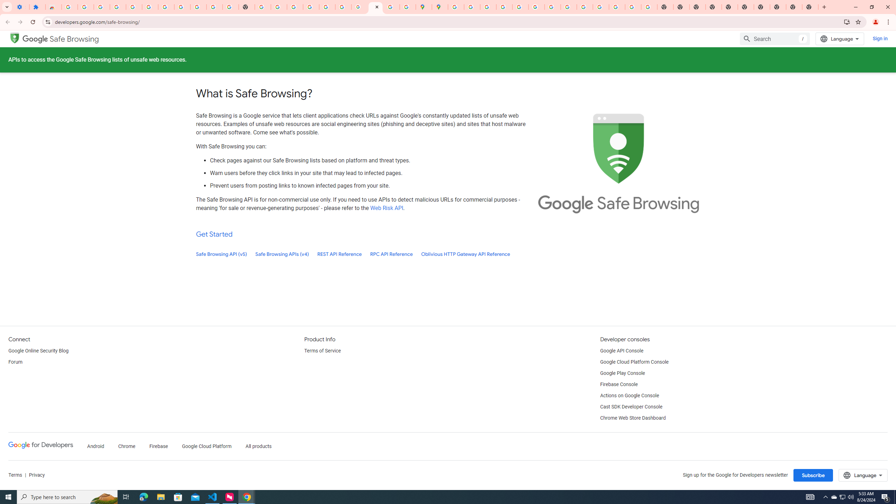 The height and width of the screenshot is (504, 896). What do you see at coordinates (322, 351) in the screenshot?
I see `'Terms of Service'` at bounding box center [322, 351].